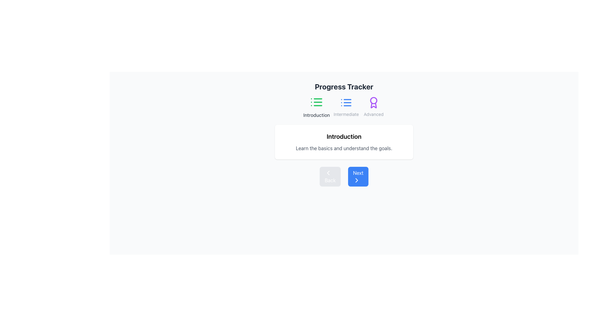  Describe the element at coordinates (373, 114) in the screenshot. I see `the text label that describes the section associated with the purple ribbon above it` at that location.